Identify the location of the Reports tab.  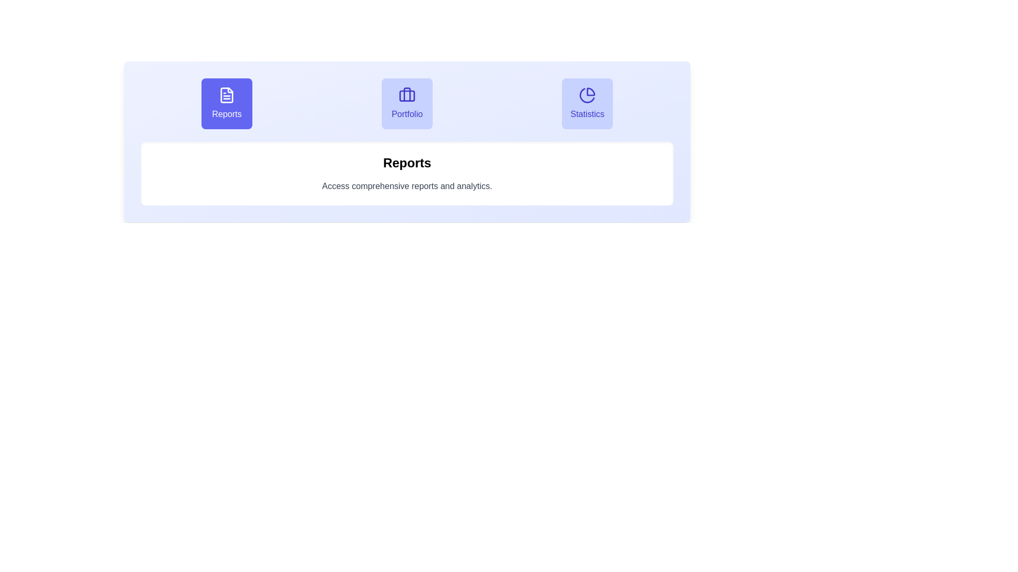
(226, 104).